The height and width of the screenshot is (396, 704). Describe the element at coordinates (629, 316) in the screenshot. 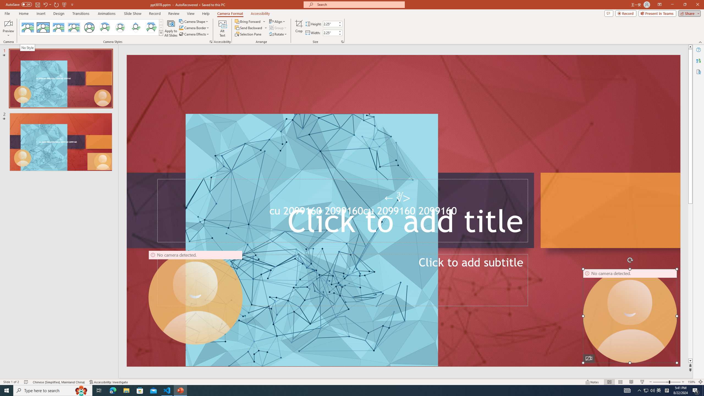

I see `'Camera 16, No camera detected.'` at that location.